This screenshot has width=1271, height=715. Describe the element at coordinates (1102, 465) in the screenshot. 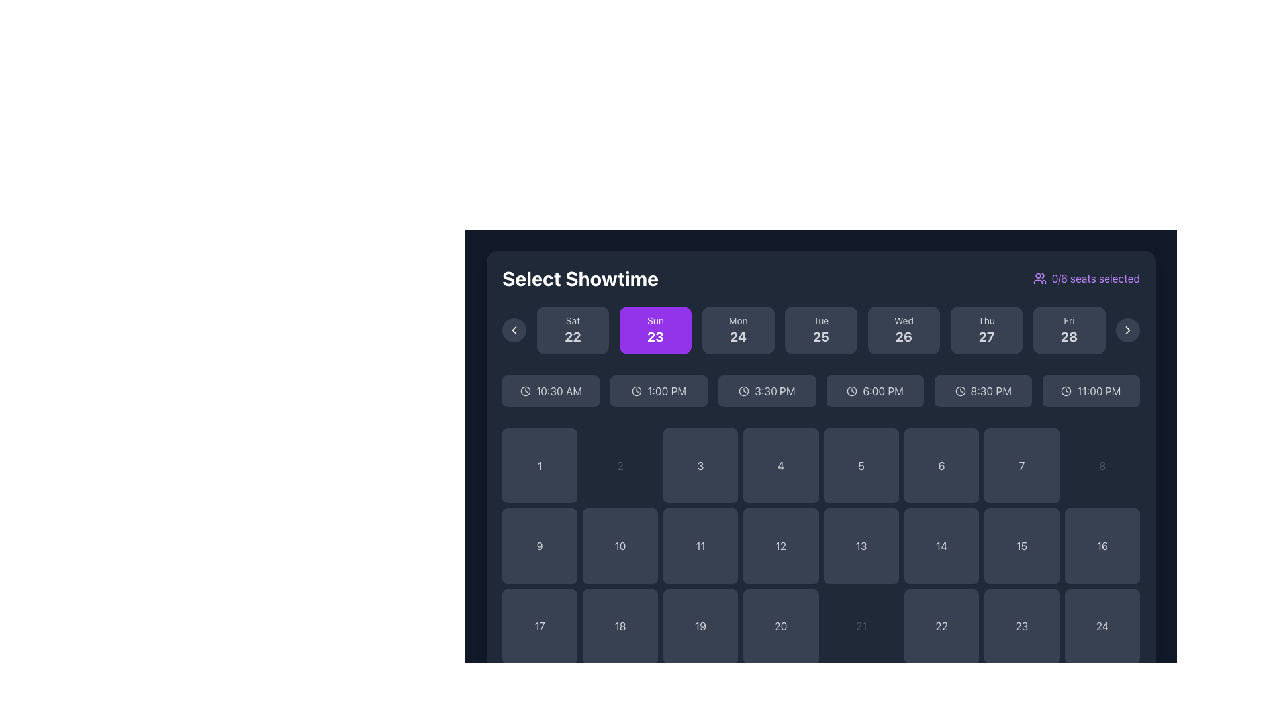

I see `the eighth button in a grid layout located in the top-right corner, which is currently disabled and represents a selectable item` at that location.